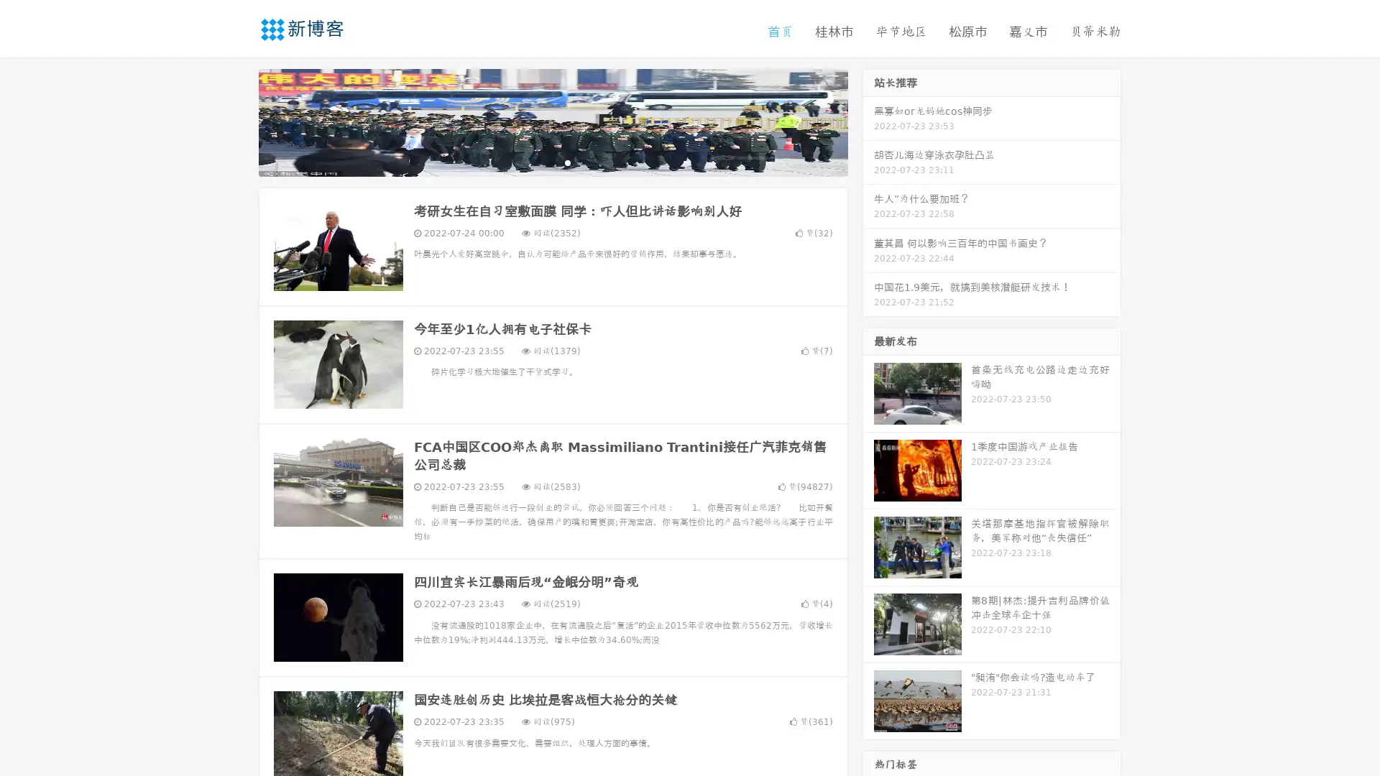  What do you see at coordinates (538, 162) in the screenshot?
I see `Go to slide 1` at bounding box center [538, 162].